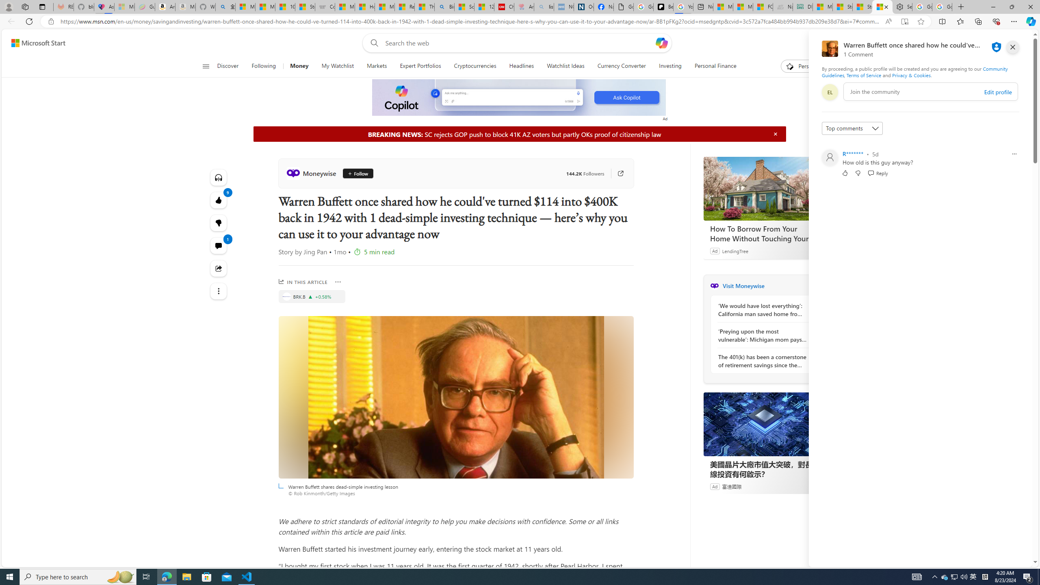 The image size is (1040, 585). Describe the element at coordinates (299, 66) in the screenshot. I see `'Money'` at that location.